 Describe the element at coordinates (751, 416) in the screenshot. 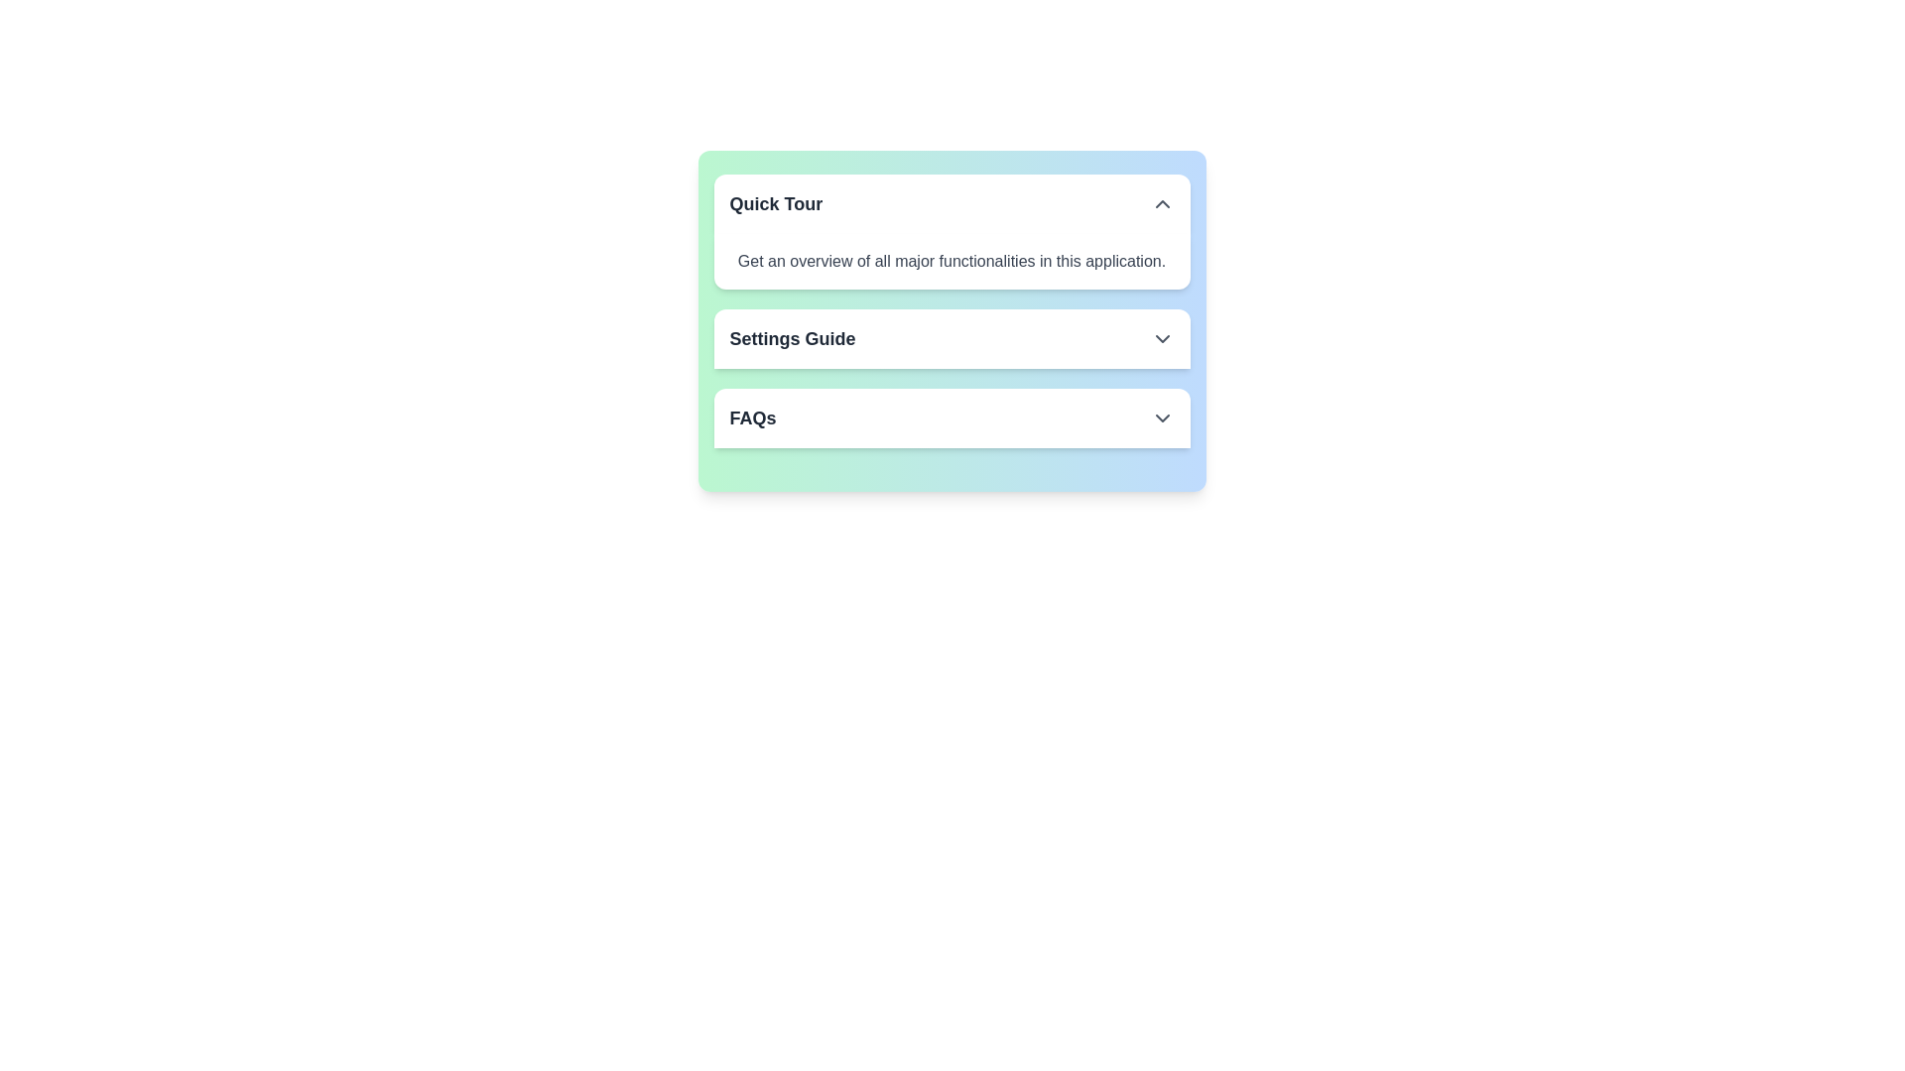

I see `the 'FAQs' text label, which serves as the main label for the section in a horizontally-aligned header with a chevron icon on the right` at that location.